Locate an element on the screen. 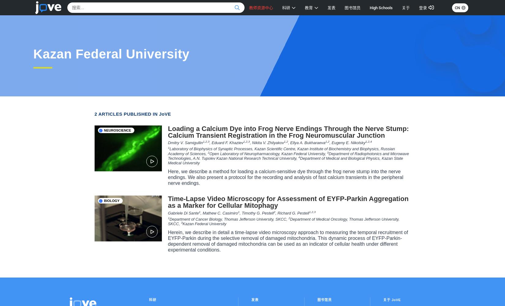 Image resolution: width=505 pixels, height=306 pixels. 'Here, we describe a method for loading a calcium-sensitive dye through the frog nerve stump into the nerve endings. We also present a protocol for the recording and analysis of fast calcium transients in the peripheral nerve endings.' is located at coordinates (167, 177).